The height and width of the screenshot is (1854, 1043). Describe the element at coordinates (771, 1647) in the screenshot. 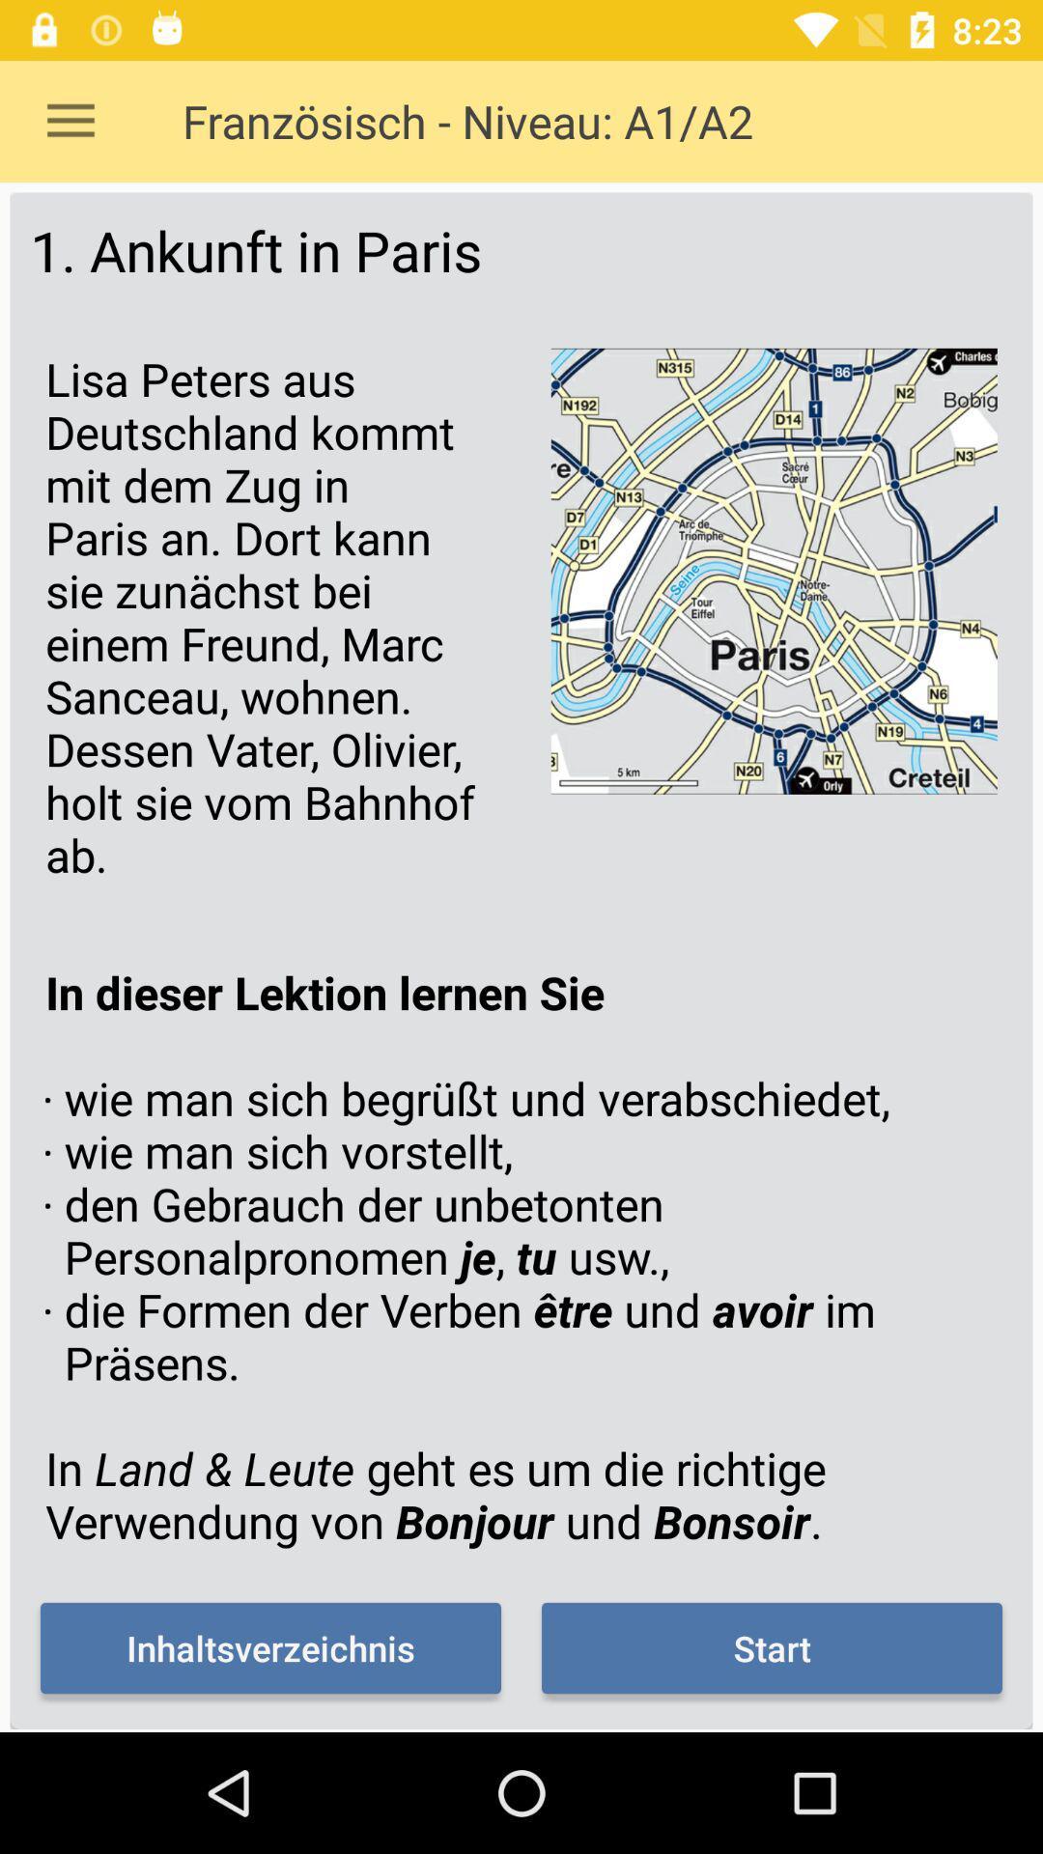

I see `the item to the right of the inhaltsverzeichnis icon` at that location.